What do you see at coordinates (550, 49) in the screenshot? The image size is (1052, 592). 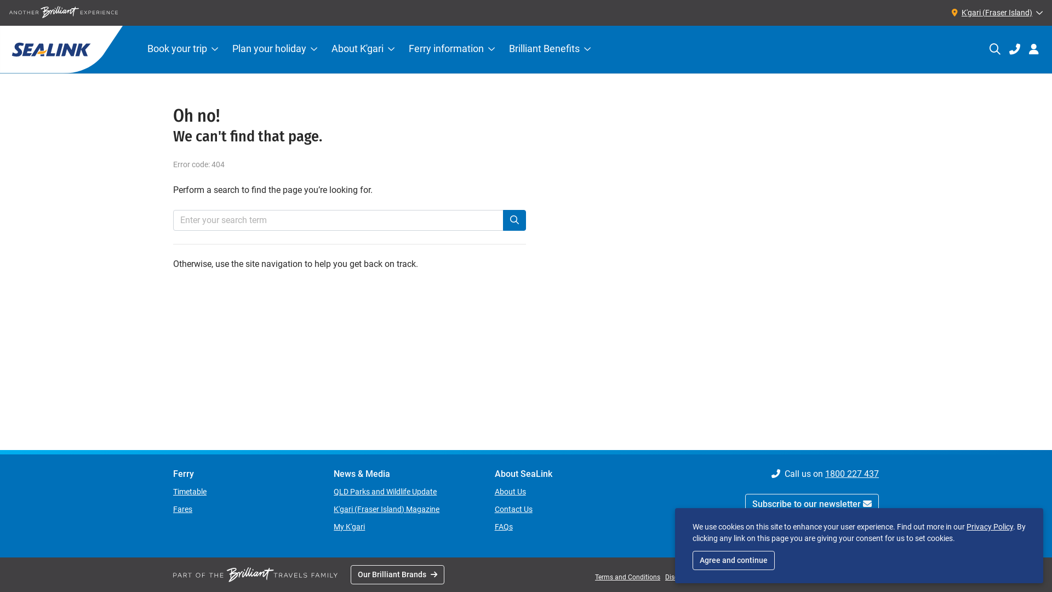 I see `'Brilliant Benefits'` at bounding box center [550, 49].